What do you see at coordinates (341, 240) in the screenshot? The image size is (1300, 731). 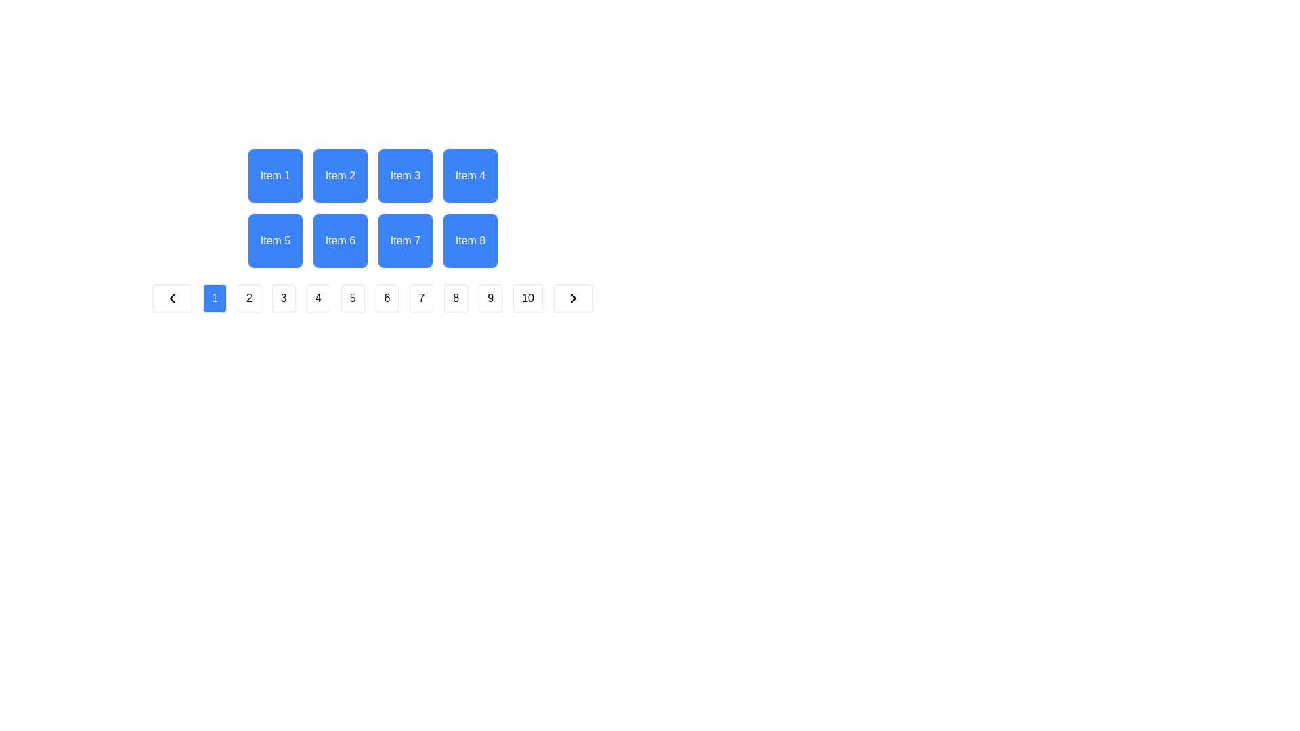 I see `the blue square button with rounded corners labeled 'Item 6', which is the second item in the second row of a 4-column grid layout` at bounding box center [341, 240].